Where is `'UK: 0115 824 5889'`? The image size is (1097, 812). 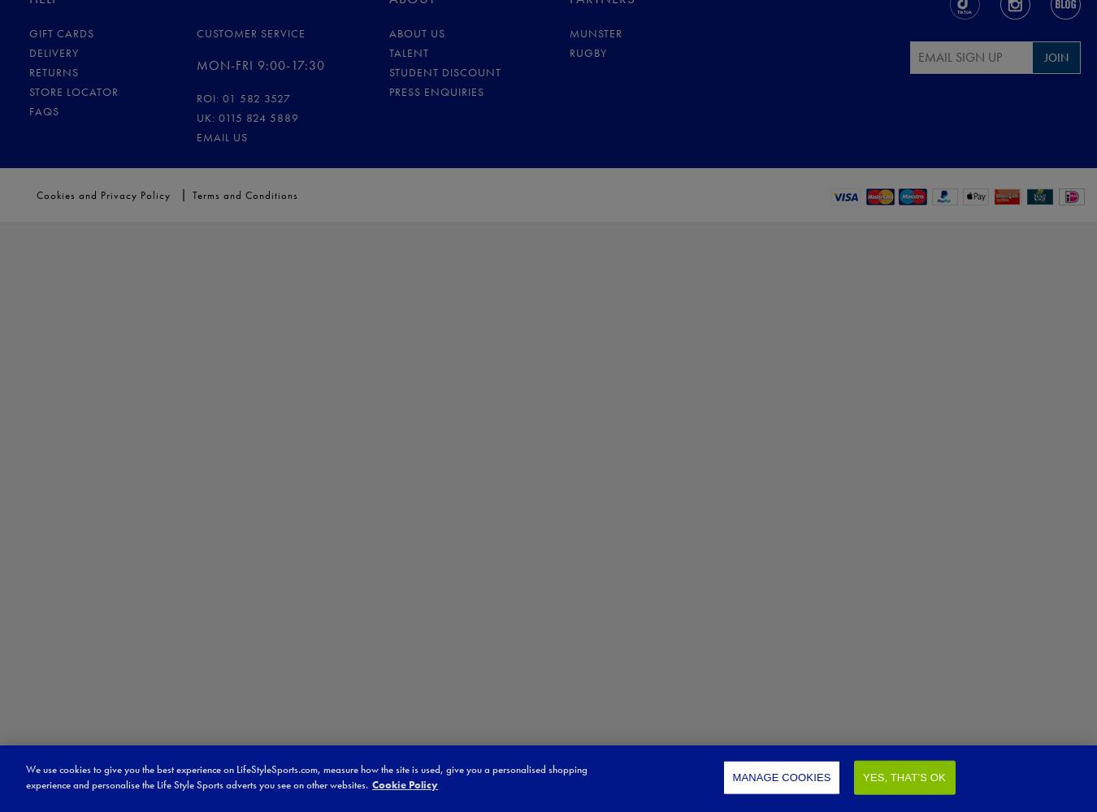 'UK: 0115 824 5889' is located at coordinates (246, 117).